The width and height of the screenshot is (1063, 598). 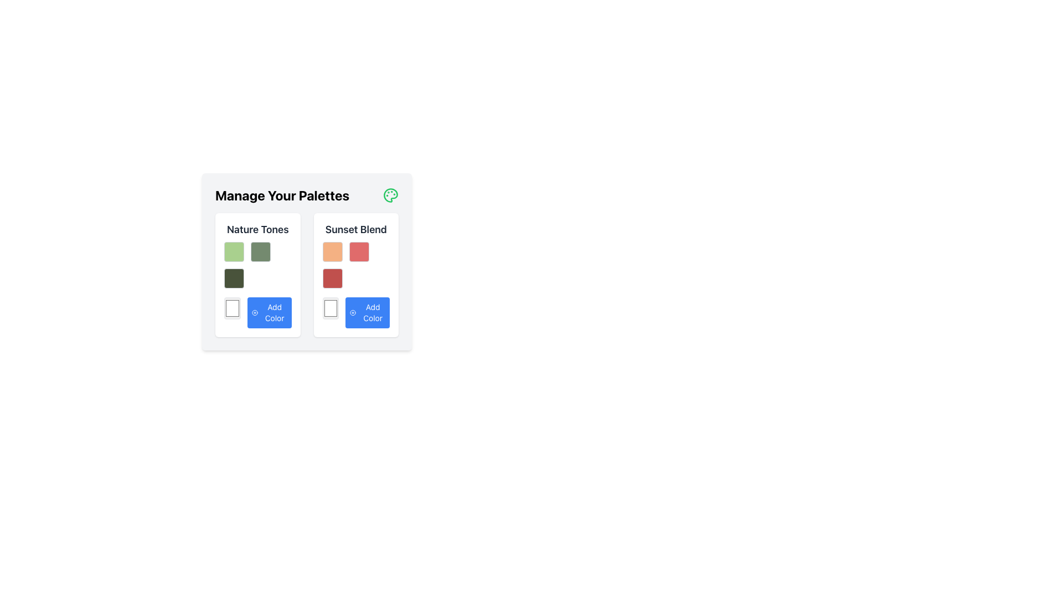 I want to click on the circular SVG shape that serves as the background for the '+' icon in the 'Manage Your Palettes' interface, so click(x=352, y=312).